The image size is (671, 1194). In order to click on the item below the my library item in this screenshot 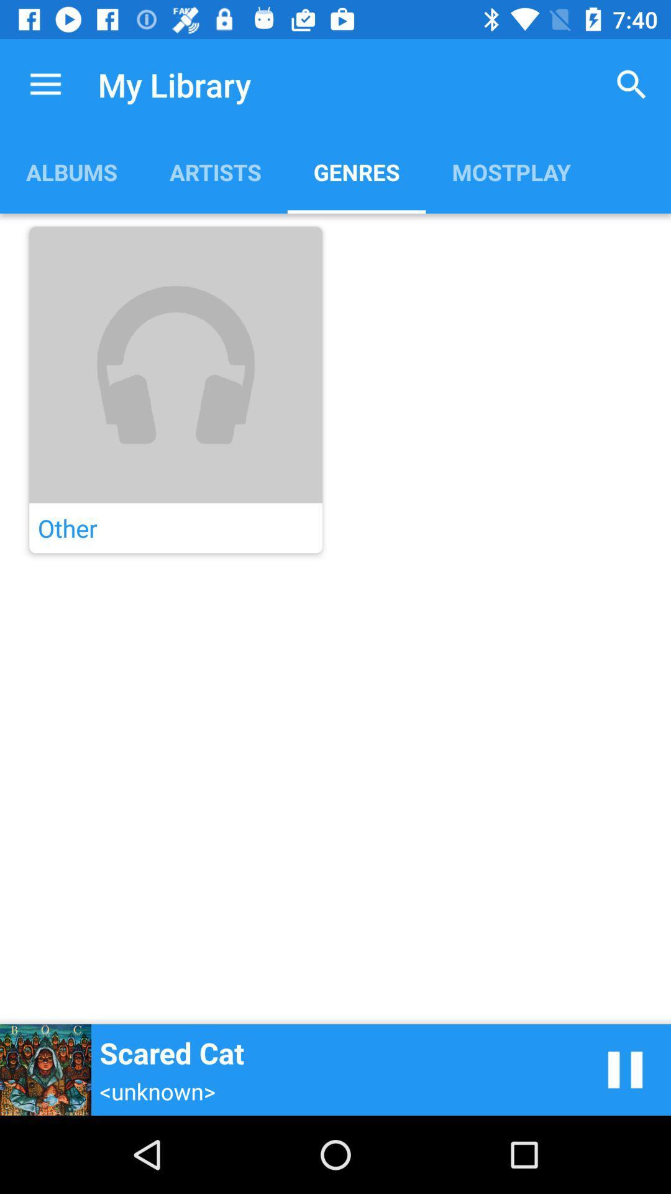, I will do `click(214, 171)`.